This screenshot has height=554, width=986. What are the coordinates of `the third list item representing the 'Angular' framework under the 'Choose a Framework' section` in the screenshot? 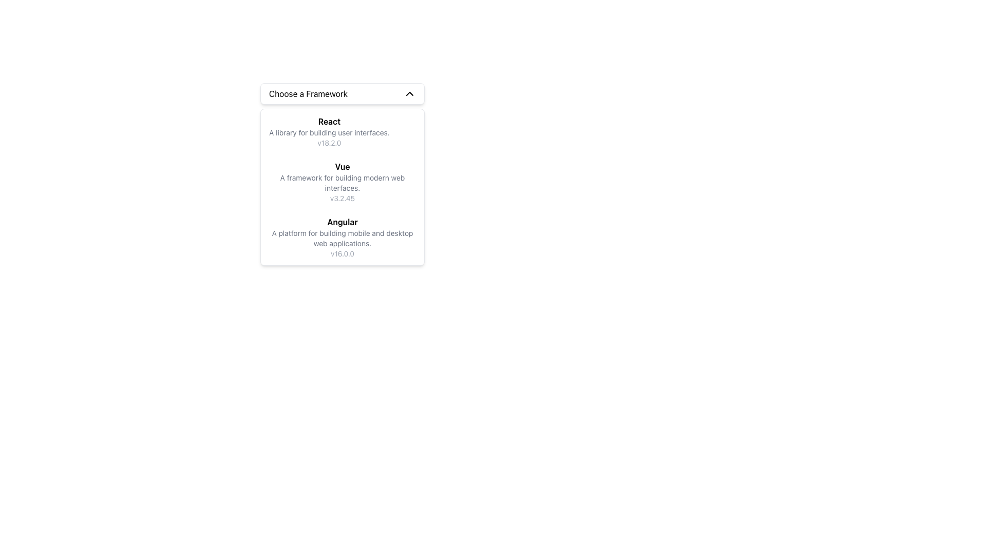 It's located at (343, 237).